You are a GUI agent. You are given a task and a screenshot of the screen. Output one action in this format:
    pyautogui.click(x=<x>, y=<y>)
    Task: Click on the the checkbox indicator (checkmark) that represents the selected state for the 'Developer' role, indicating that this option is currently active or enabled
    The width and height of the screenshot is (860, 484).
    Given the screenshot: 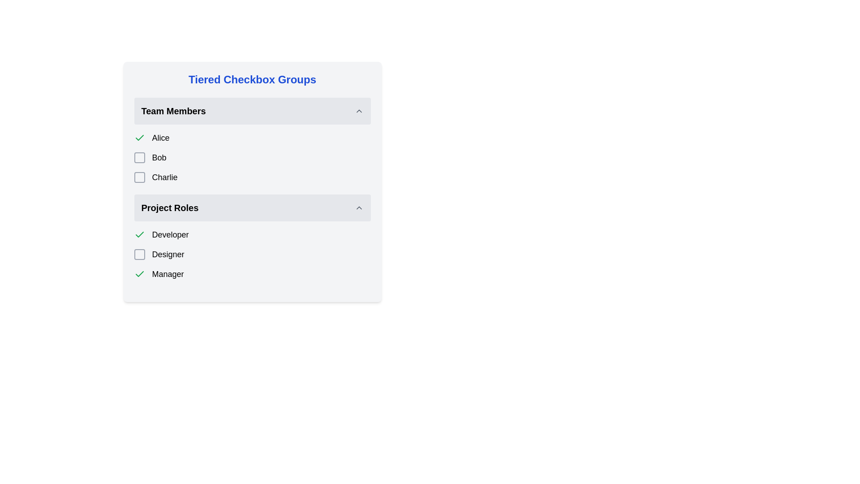 What is the action you would take?
    pyautogui.click(x=139, y=234)
    